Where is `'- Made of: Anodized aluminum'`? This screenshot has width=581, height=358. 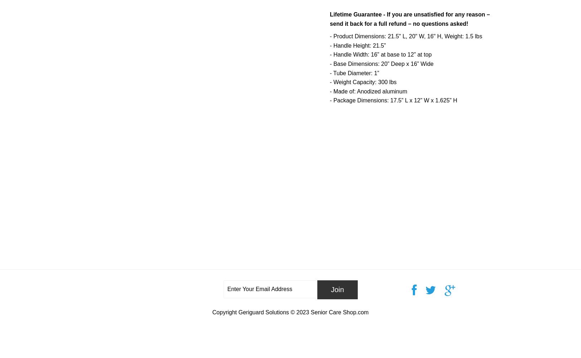 '- Made of: Anodized aluminum' is located at coordinates (329, 91).